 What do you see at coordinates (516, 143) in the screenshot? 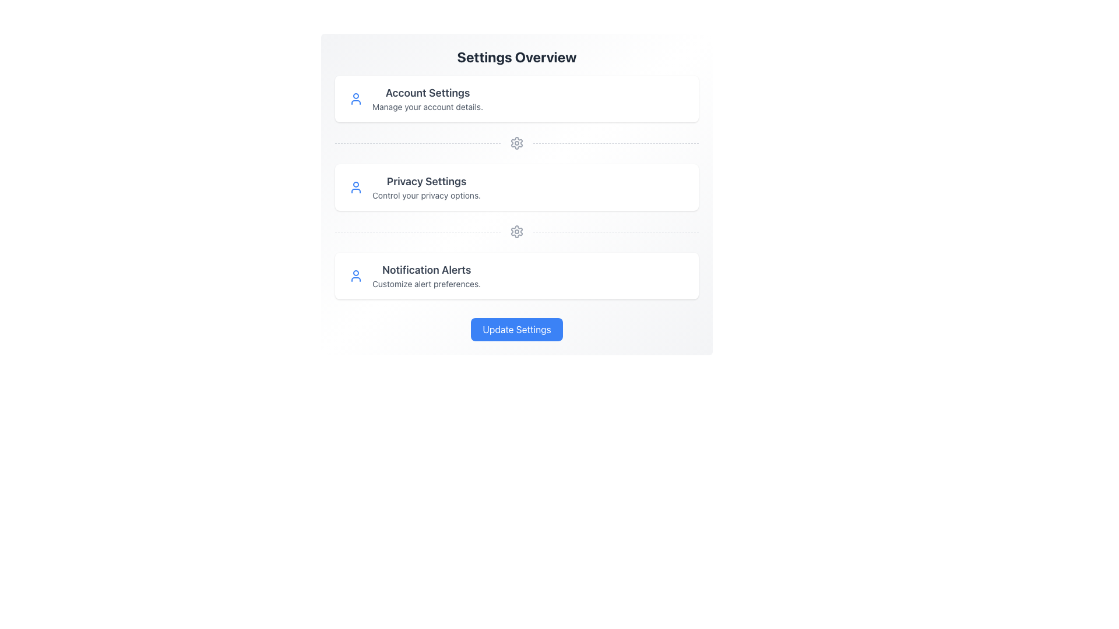
I see `the gear-shaped settings icon, which is light gray and located in the center of a horizontal dashed line divider between the 'Privacy Settings' and 'Notification Alerts' sections` at bounding box center [516, 143].